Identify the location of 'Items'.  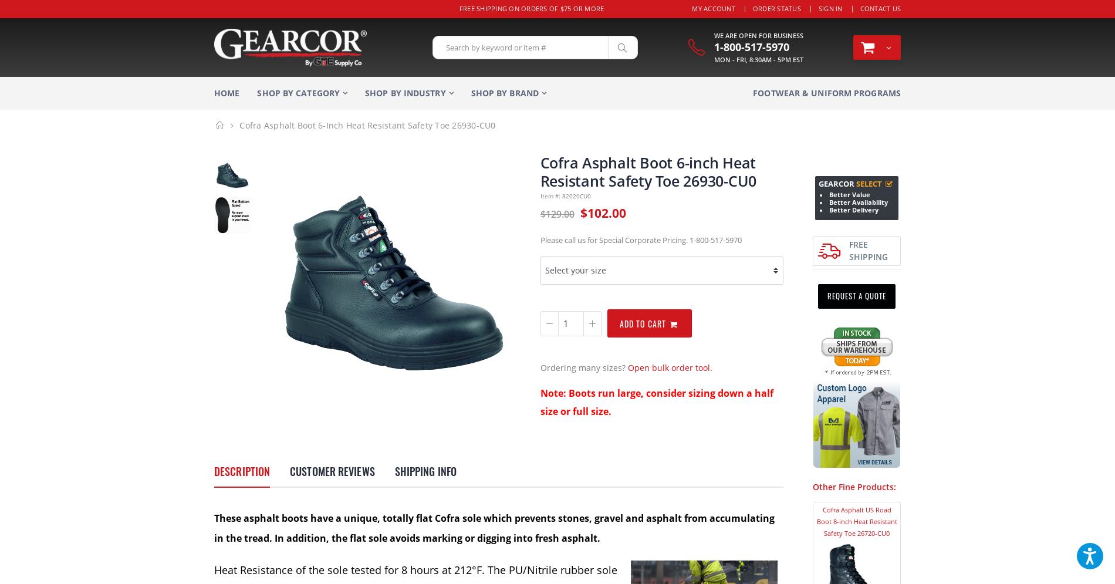
(757, 76).